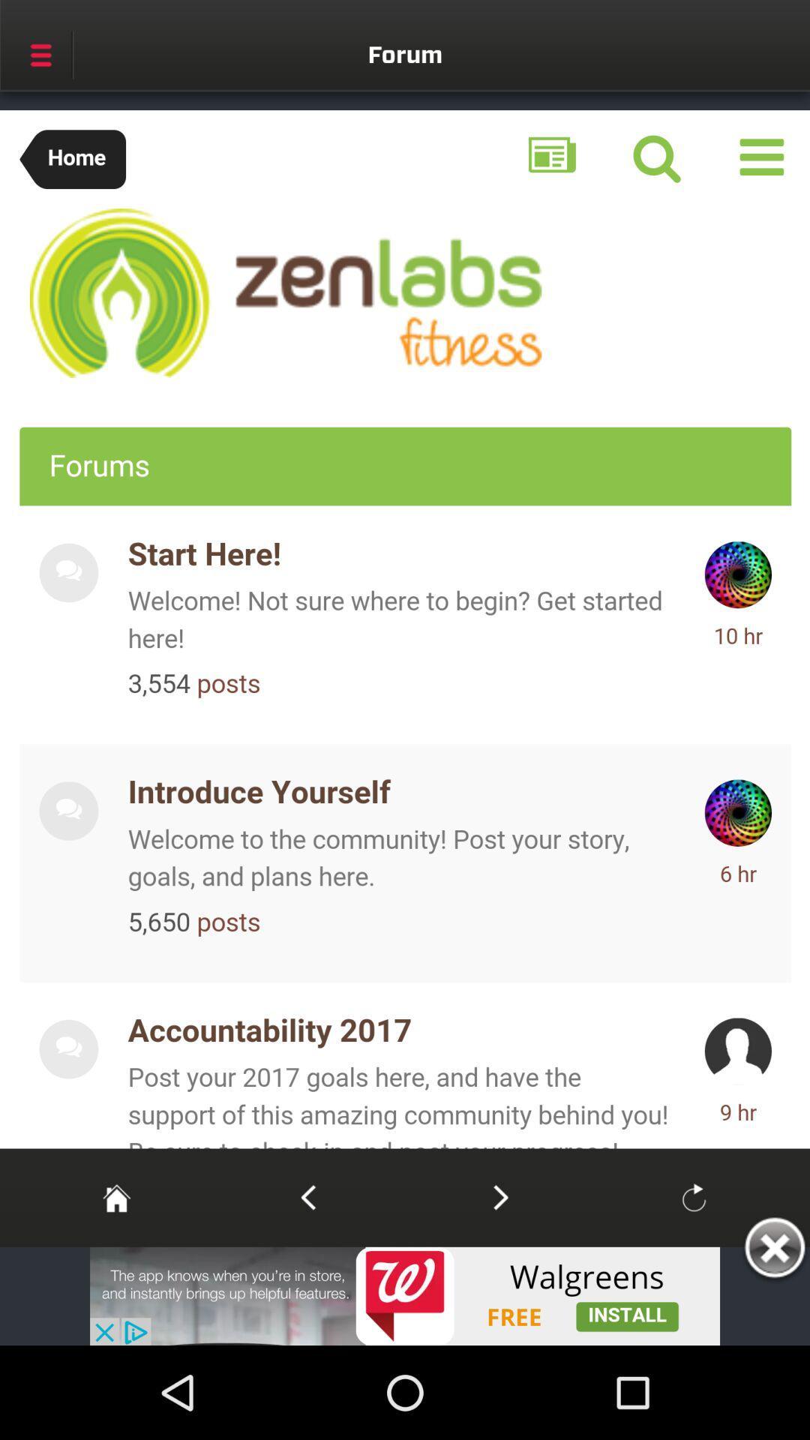 The width and height of the screenshot is (810, 1440). Describe the element at coordinates (694, 1196) in the screenshot. I see `refresh` at that location.